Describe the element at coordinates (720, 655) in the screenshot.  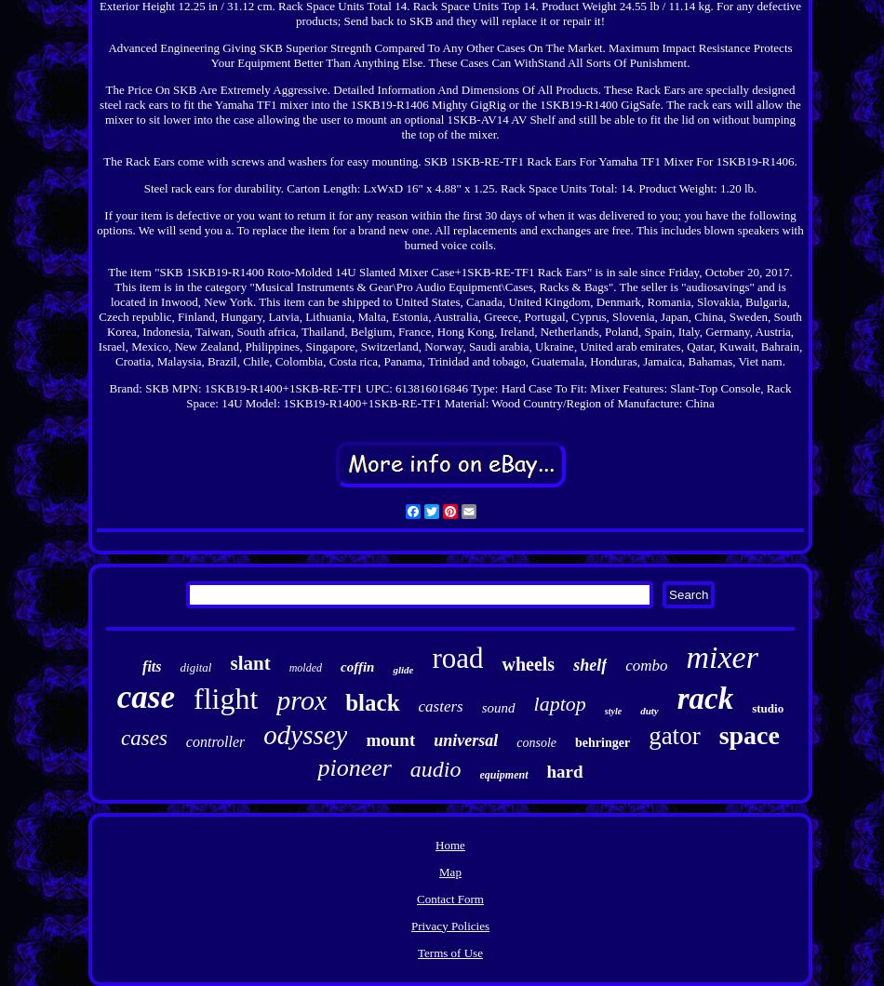
I see `'mixer'` at that location.